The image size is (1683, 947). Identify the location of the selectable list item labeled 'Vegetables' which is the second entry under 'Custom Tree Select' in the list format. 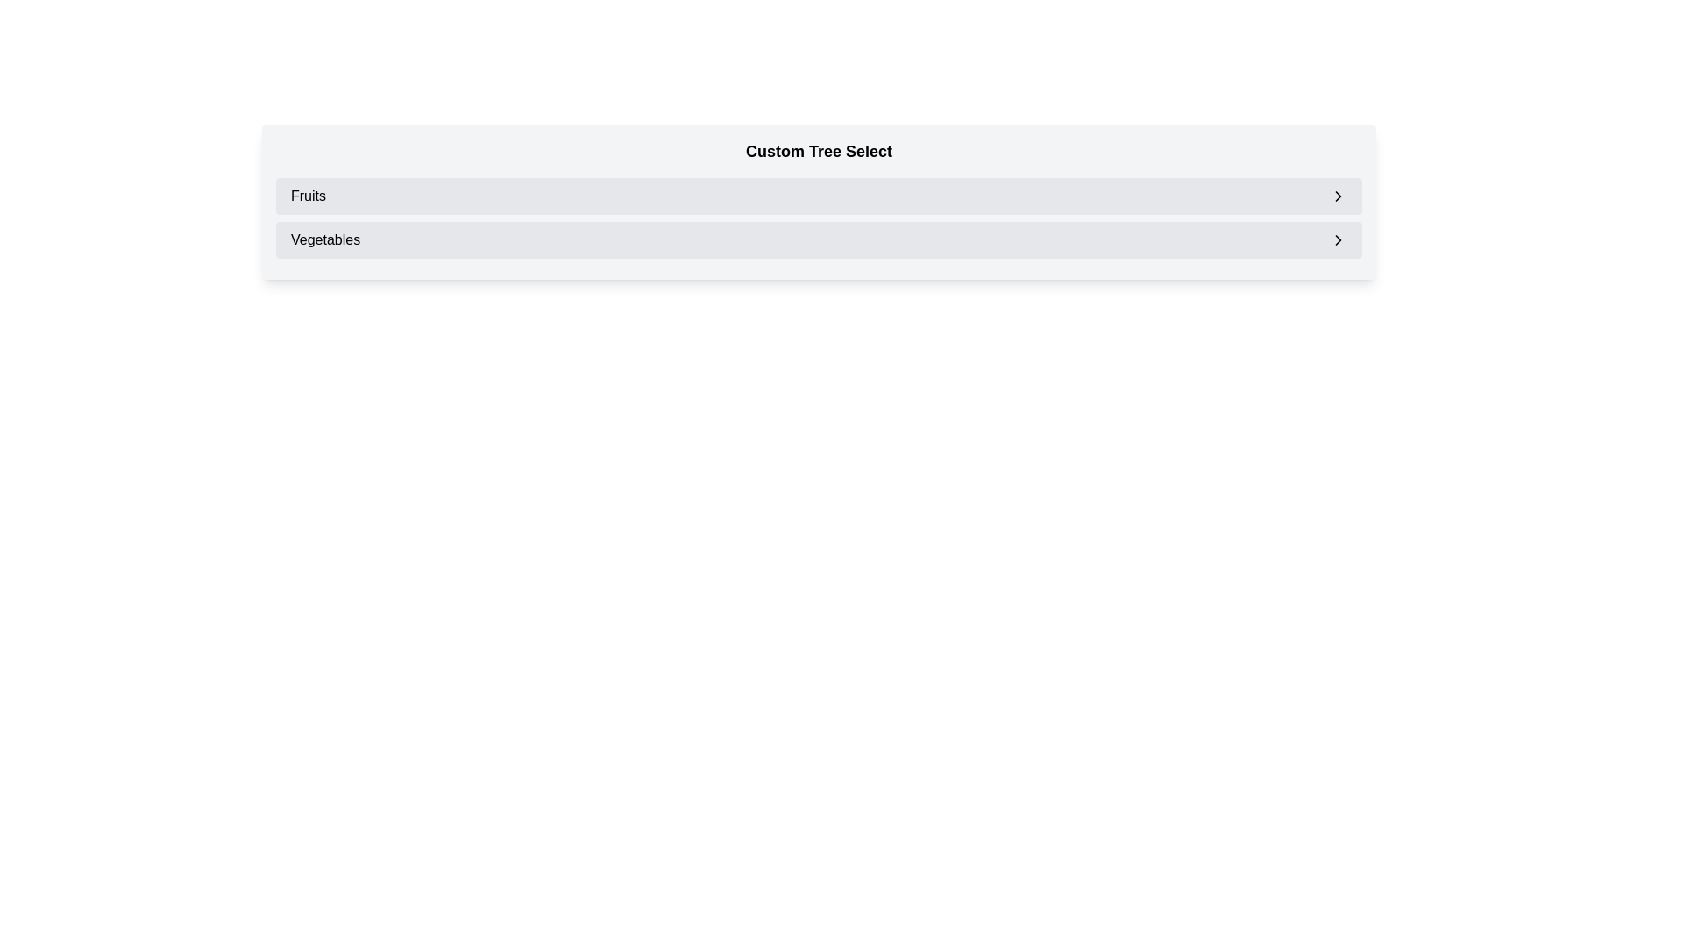
(818, 239).